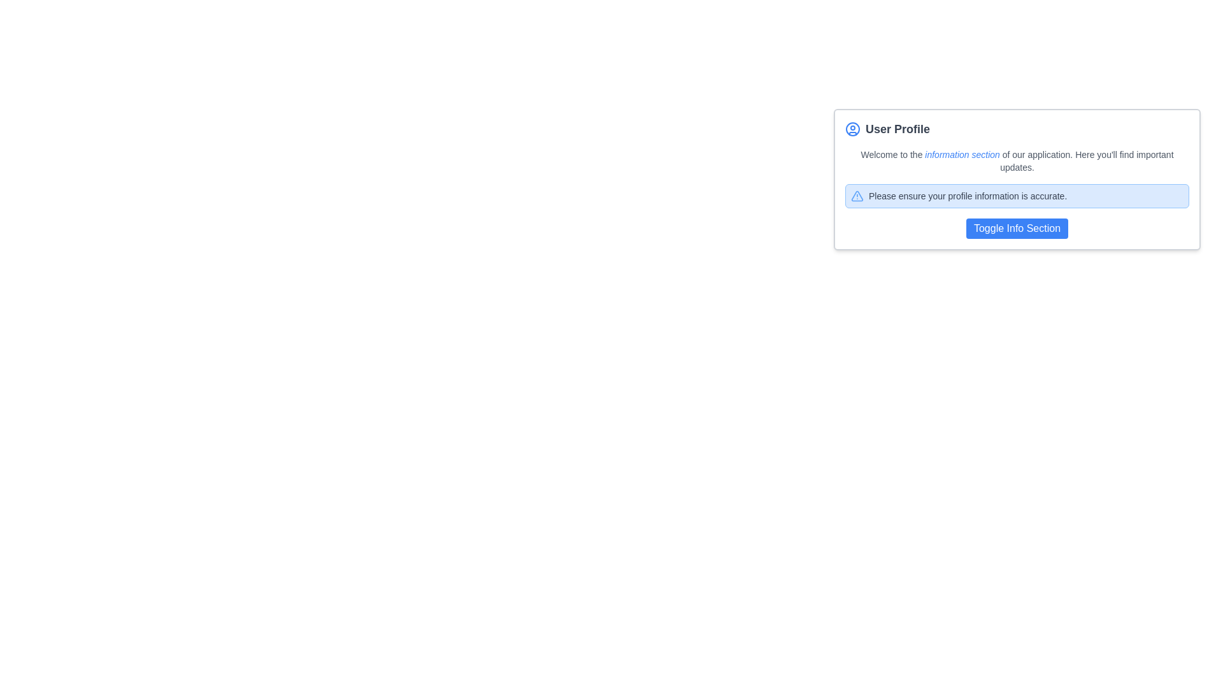 The width and height of the screenshot is (1223, 688). Describe the element at coordinates (853, 129) in the screenshot. I see `the circular user silhouette icon, which is the leftmost element in the 'User Profile' group at the top of the card-like panel` at that location.